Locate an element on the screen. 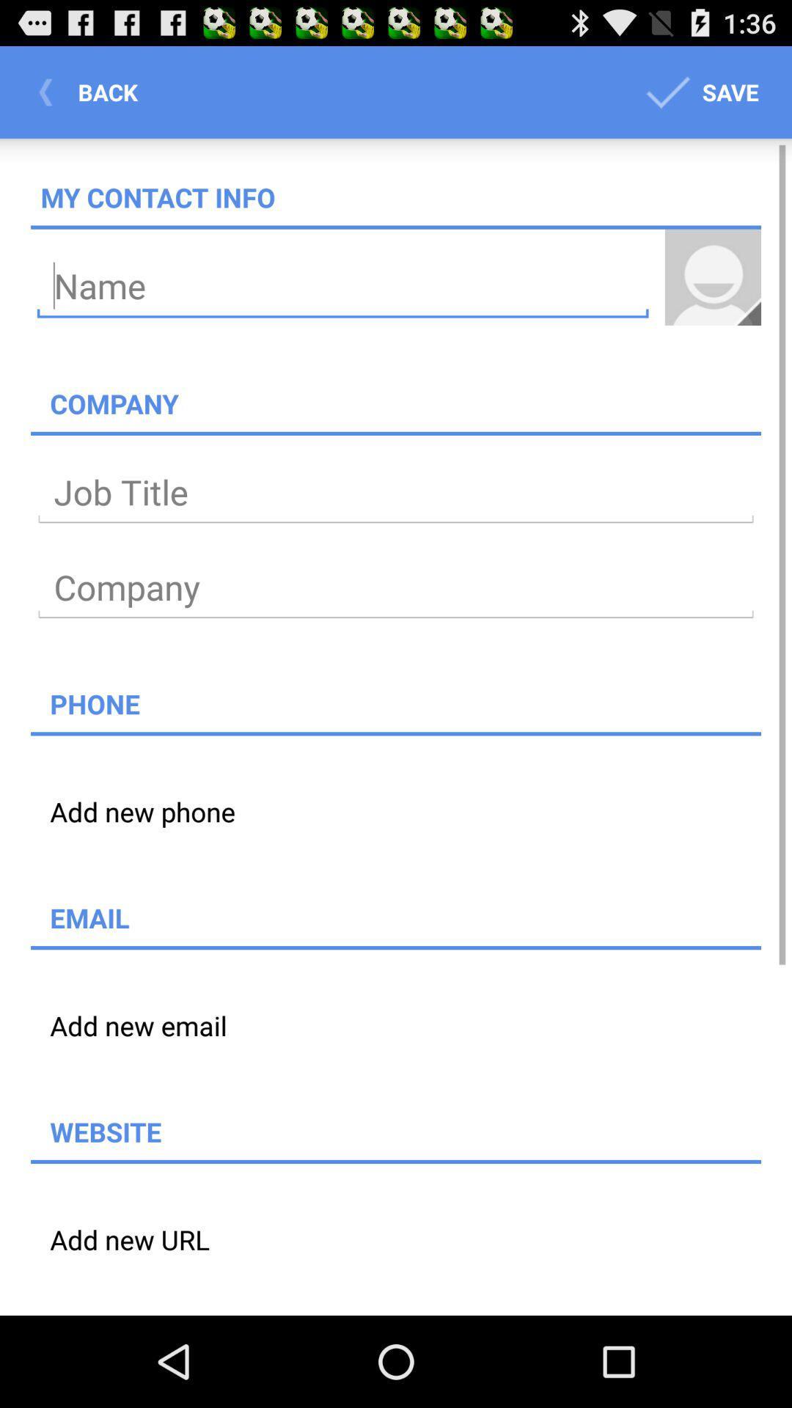  icon to the right of the back is located at coordinates (698, 91).